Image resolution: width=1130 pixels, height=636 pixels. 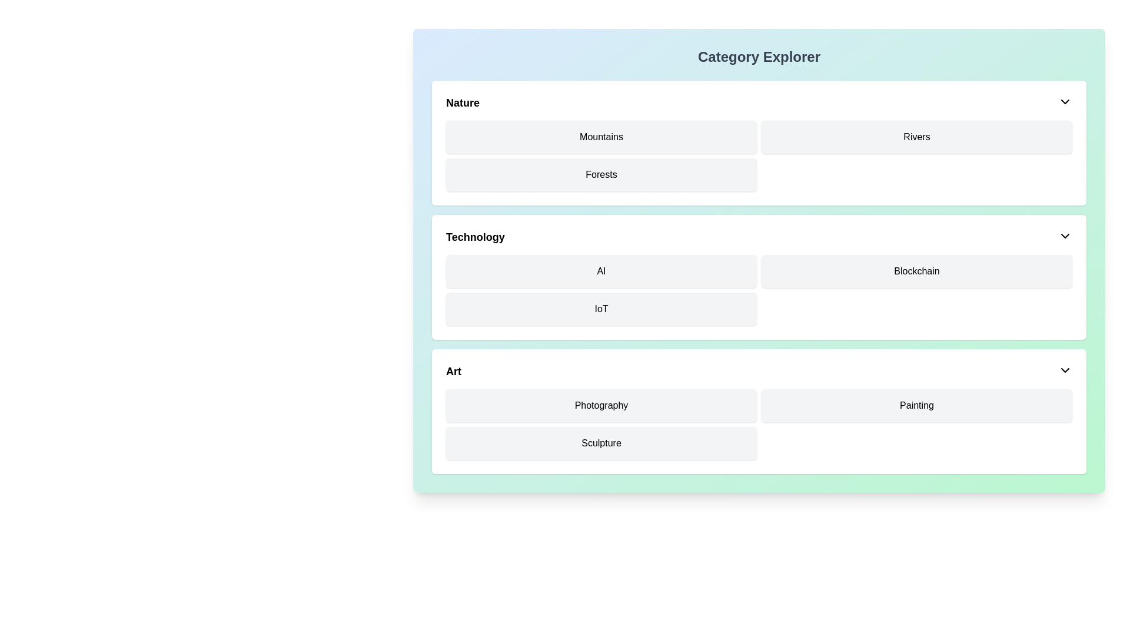 I want to click on the 'Photography' label, which is a bold text element in a rounded rectangular box with a light gray background, located in the 'Art' group, so click(x=601, y=405).